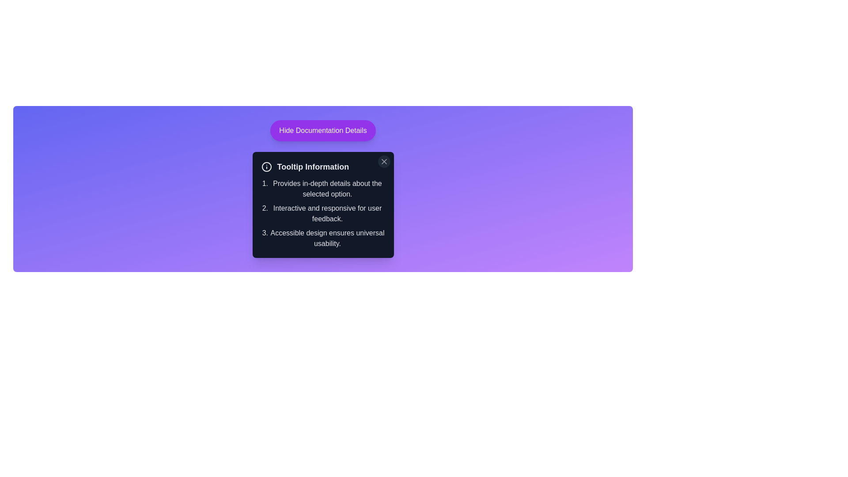 The image size is (848, 477). What do you see at coordinates (327, 189) in the screenshot?
I see `the first item in the numbered list that serves as a descriptive label within a dark-background tooltip` at bounding box center [327, 189].